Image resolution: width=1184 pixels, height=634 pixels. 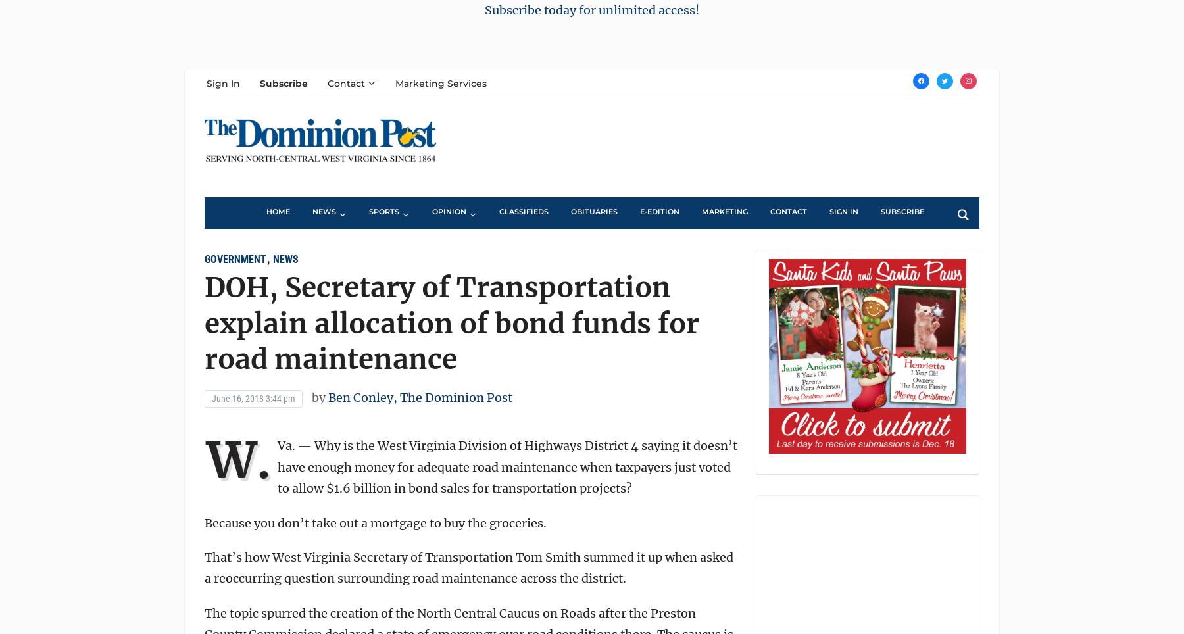 What do you see at coordinates (844, 211) in the screenshot?
I see `'Sign In'` at bounding box center [844, 211].